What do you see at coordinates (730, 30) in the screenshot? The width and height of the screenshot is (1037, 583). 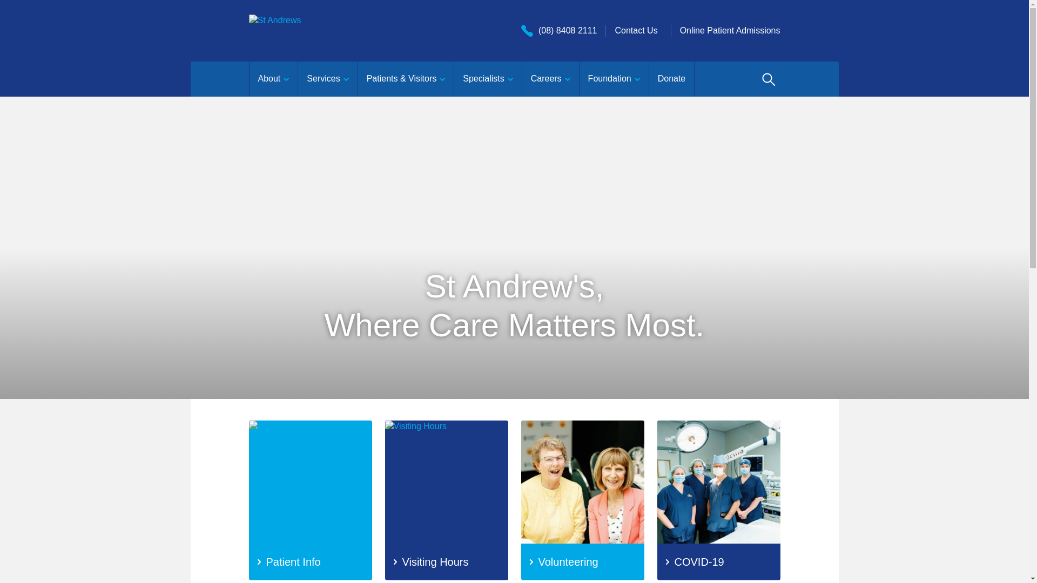 I see `'Online Patient Admissions'` at bounding box center [730, 30].